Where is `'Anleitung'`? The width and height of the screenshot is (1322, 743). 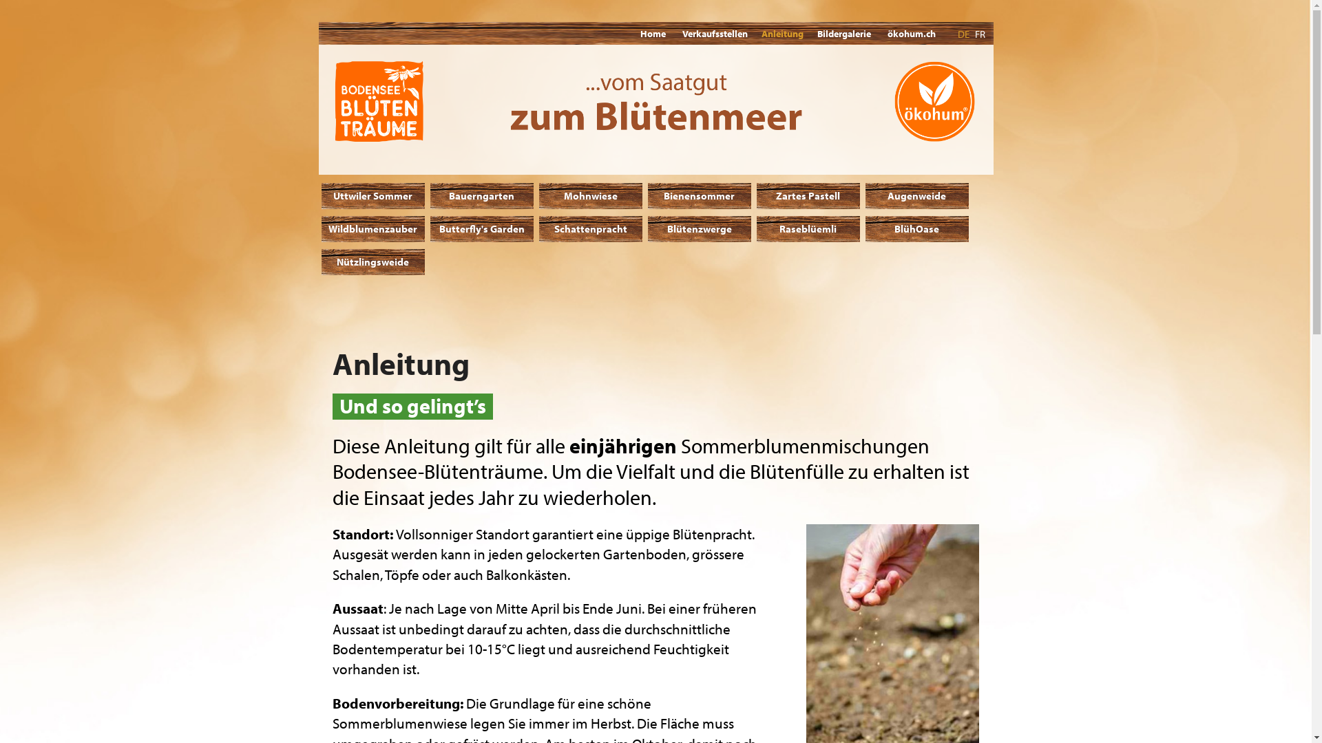
'Anleitung' is located at coordinates (782, 32).